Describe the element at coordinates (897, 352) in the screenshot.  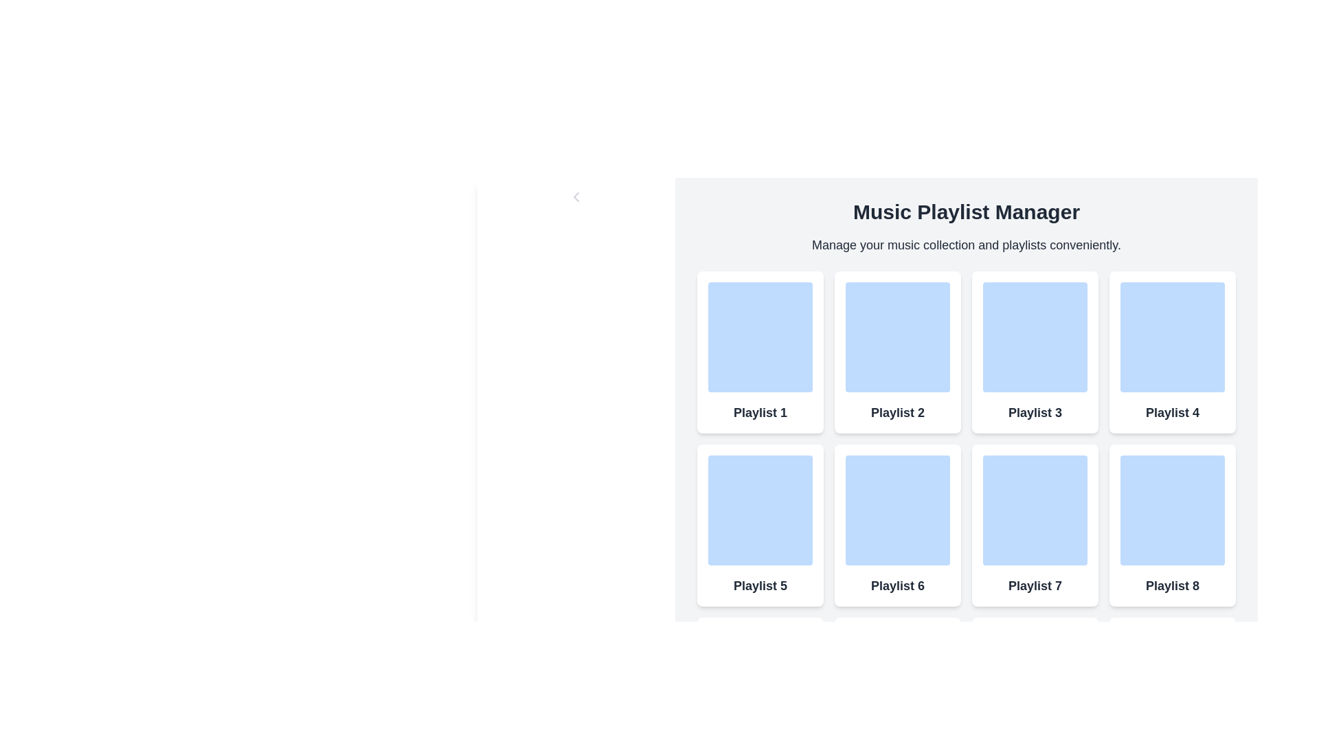
I see `the second card in the playlist manager interface` at that location.